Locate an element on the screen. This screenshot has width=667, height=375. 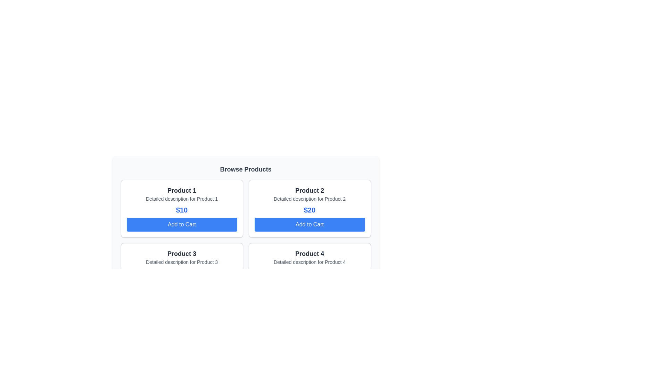
the label providing details about 'Product 2', located below the title 'Product 2' and above the price label '$20' in the second product tile of the grid is located at coordinates (309, 199).